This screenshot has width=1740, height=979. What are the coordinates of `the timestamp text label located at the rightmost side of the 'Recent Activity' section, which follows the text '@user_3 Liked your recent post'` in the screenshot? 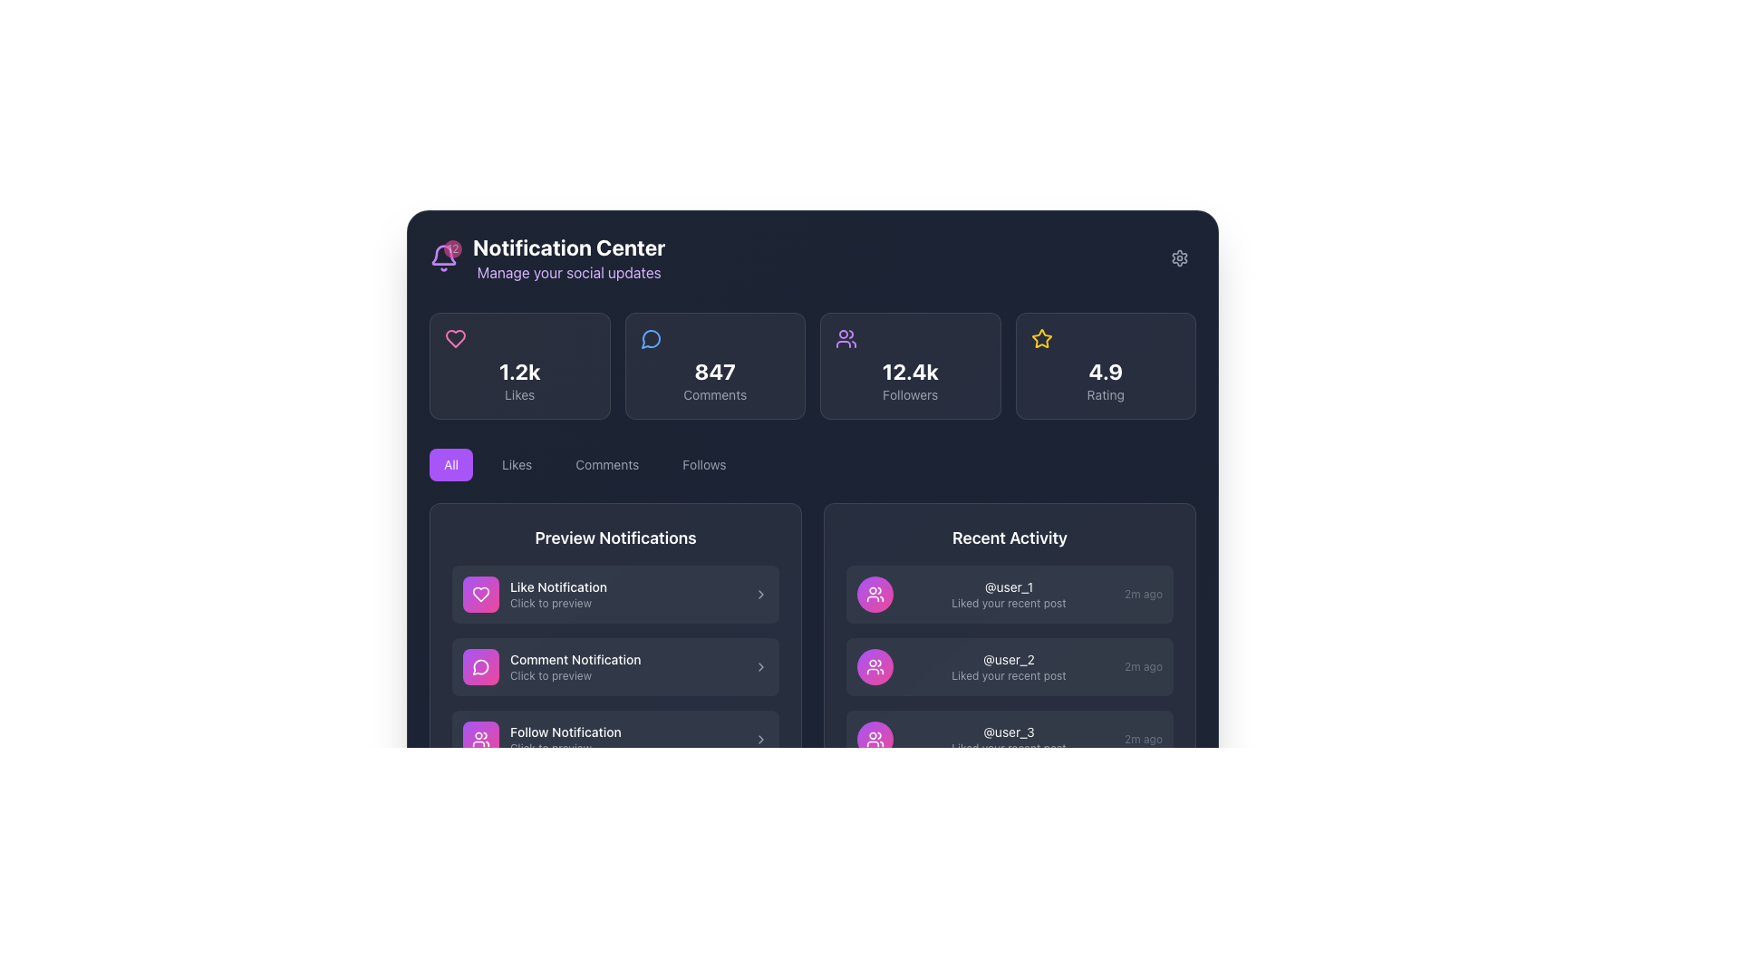 It's located at (1143, 740).